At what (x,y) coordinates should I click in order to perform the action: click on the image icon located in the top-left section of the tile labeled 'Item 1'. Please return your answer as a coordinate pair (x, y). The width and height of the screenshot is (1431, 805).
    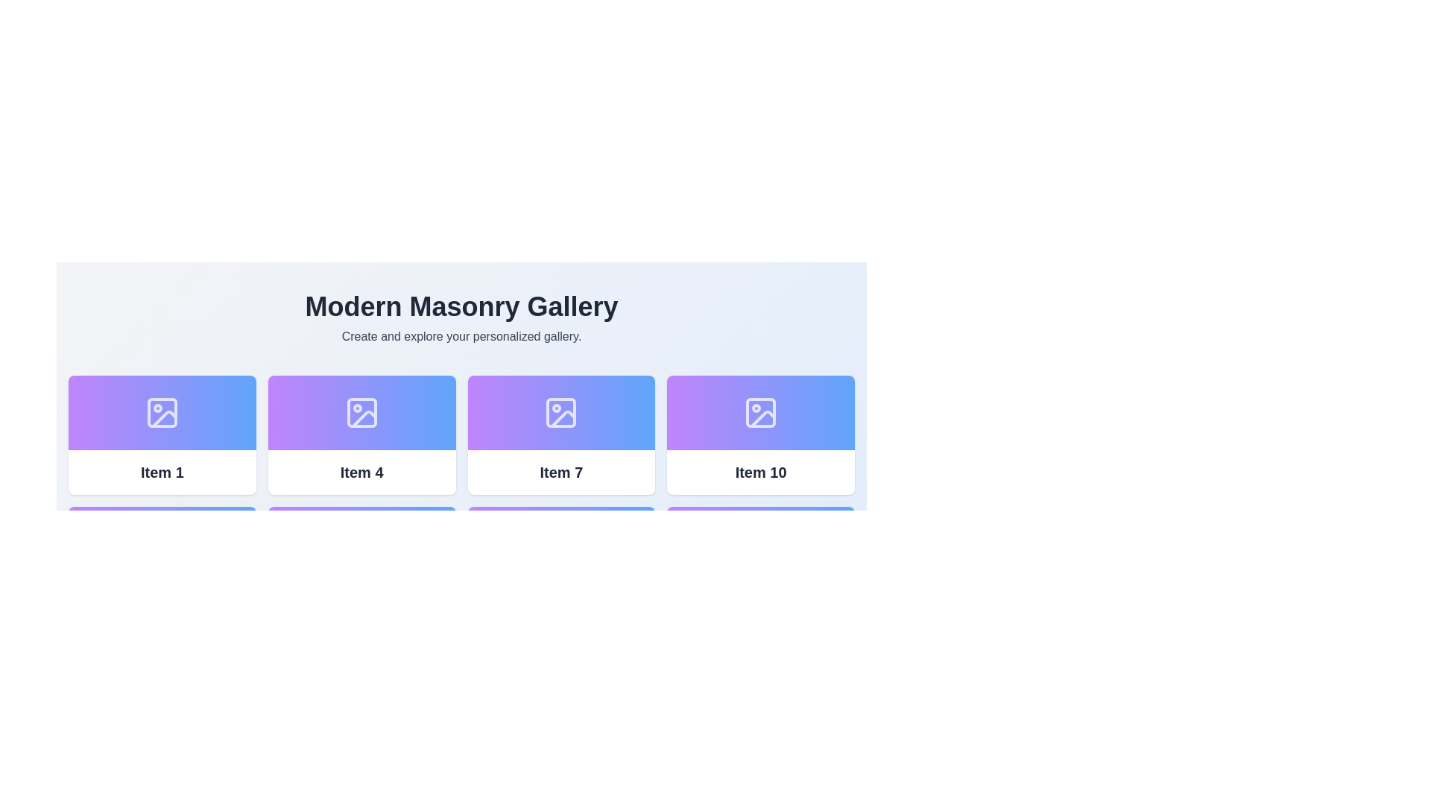
    Looking at the image, I should click on (162, 413).